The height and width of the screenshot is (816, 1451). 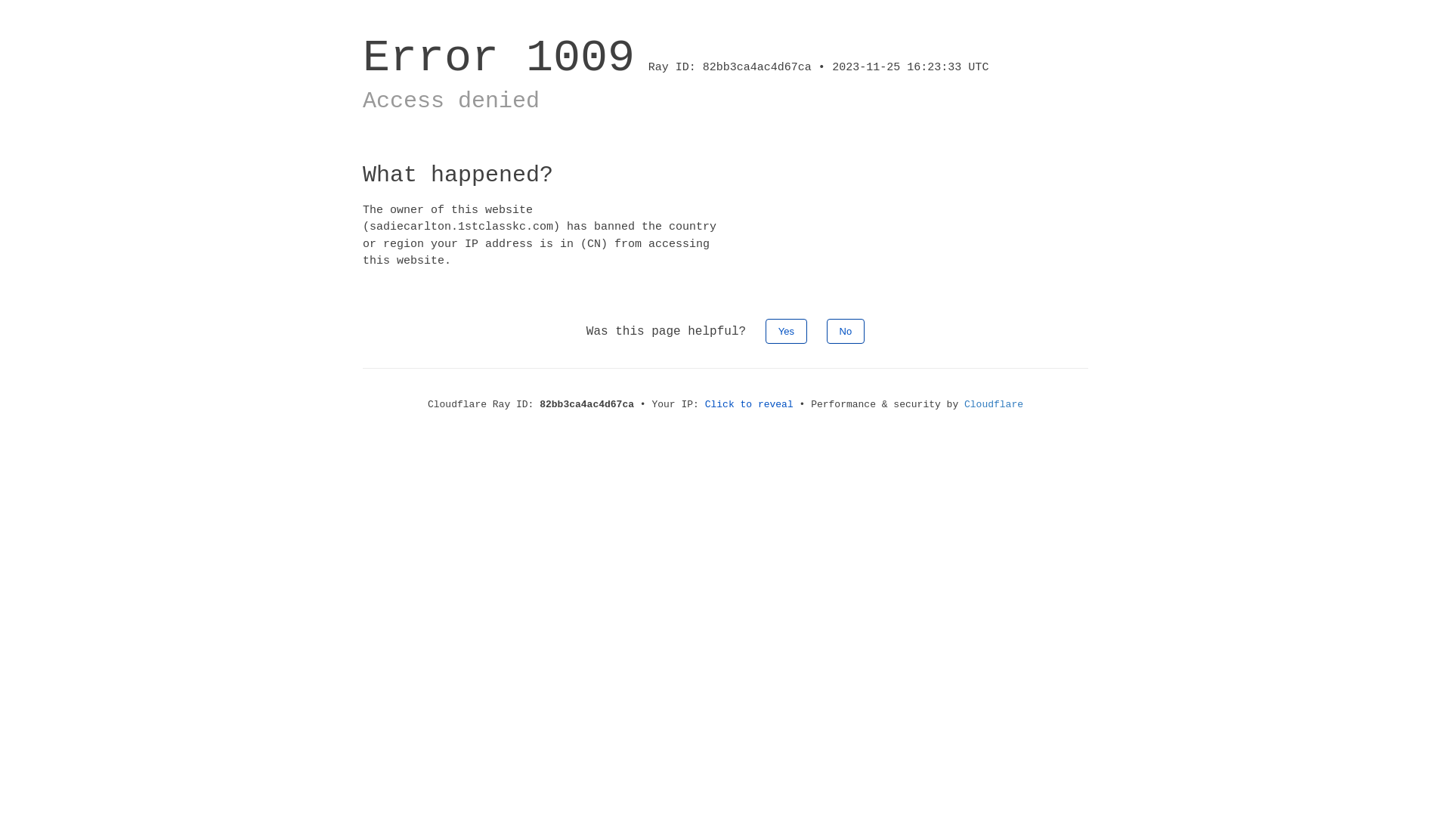 What do you see at coordinates (994, 403) in the screenshot?
I see `'Cloudflare'` at bounding box center [994, 403].